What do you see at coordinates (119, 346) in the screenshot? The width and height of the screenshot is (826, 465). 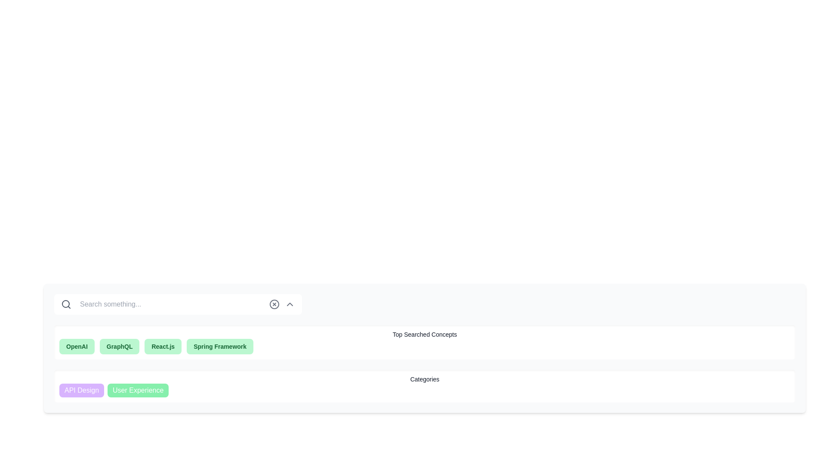 I see `the 'GraphQL' button, which is the second button in a horizontal row of four, positioned between 'OpenAI' and 'React.js'` at bounding box center [119, 346].